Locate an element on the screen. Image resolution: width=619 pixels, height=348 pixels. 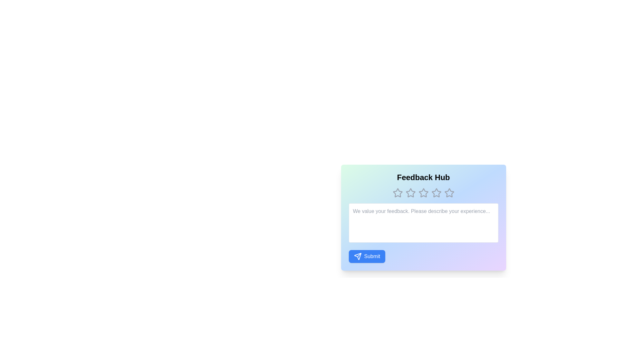
the star corresponding to the rating 2 is located at coordinates (410, 192).